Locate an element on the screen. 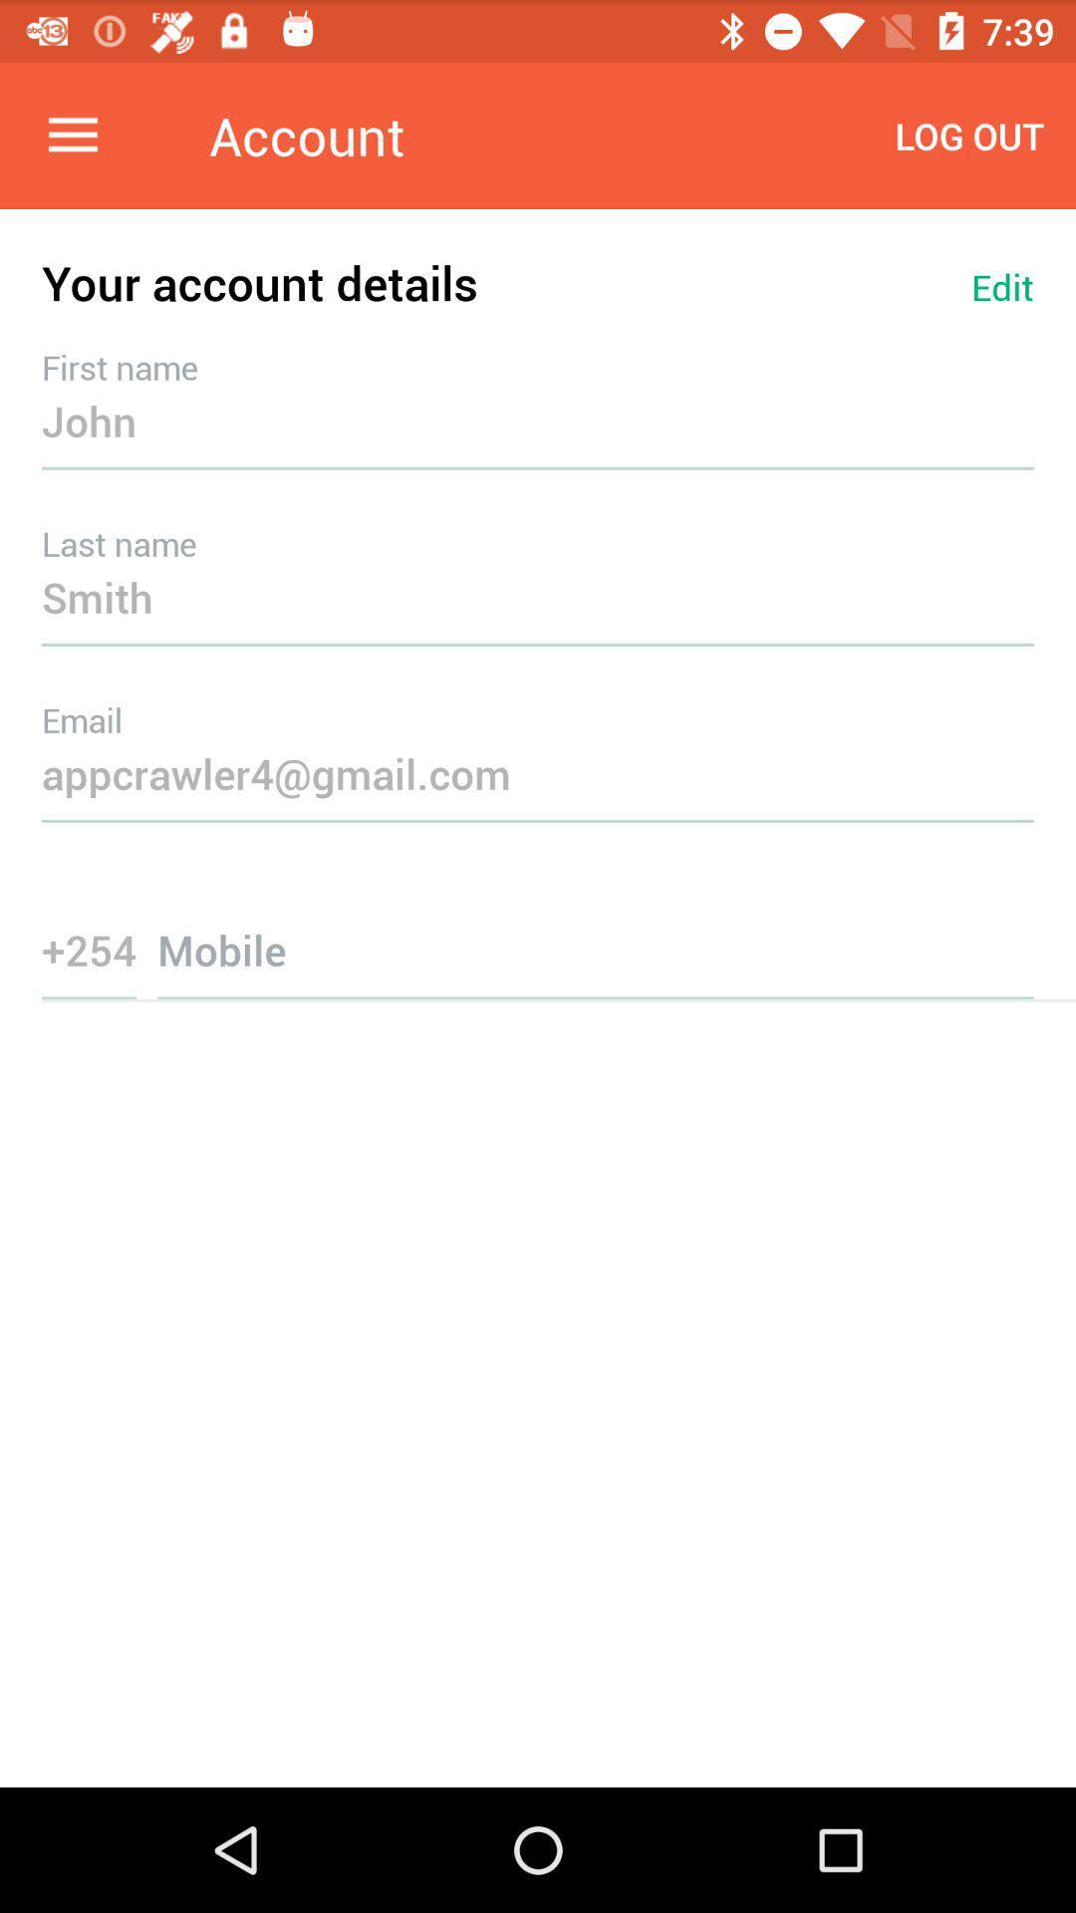 This screenshot has height=1913, width=1076. the edit is located at coordinates (1002, 286).